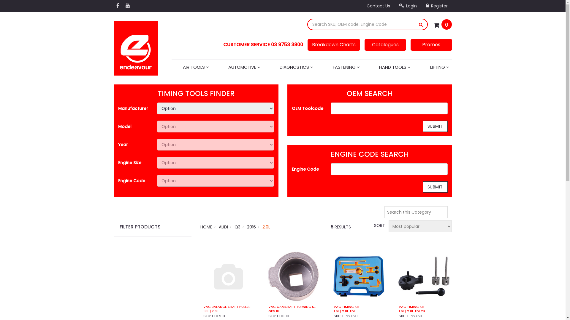 The image size is (570, 320). What do you see at coordinates (436, 6) in the screenshot?
I see `'Register'` at bounding box center [436, 6].